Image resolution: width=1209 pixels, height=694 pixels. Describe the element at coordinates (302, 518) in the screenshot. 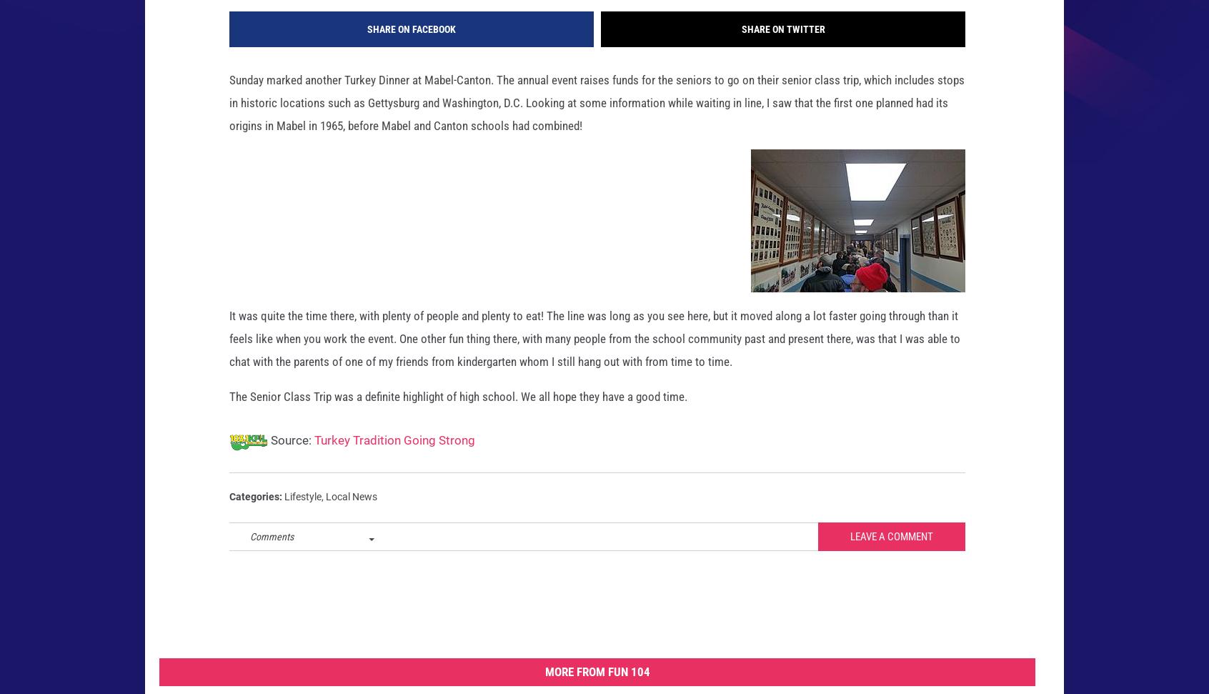

I see `'Lifestyle'` at that location.